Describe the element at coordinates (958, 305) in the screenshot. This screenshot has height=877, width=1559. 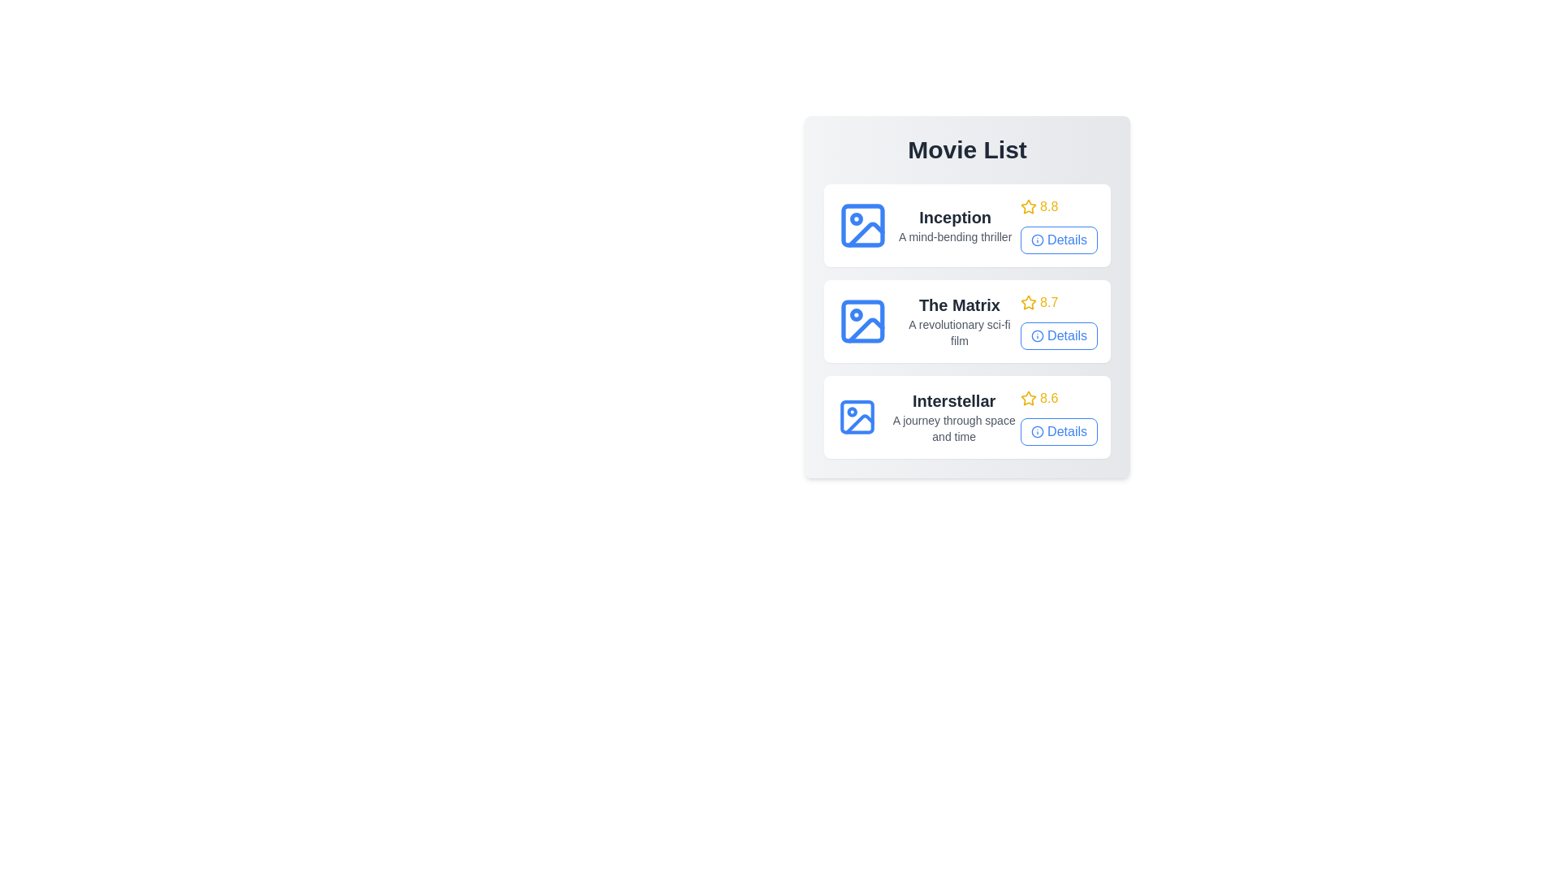
I see `the title of the movie The Matrix` at that location.